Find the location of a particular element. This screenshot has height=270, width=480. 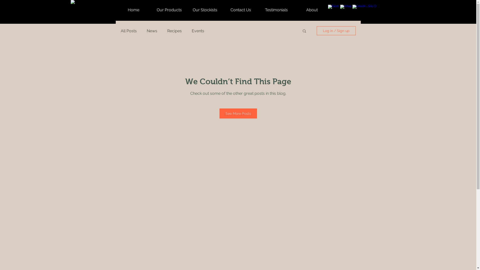

'Contact Us' is located at coordinates (241, 10).